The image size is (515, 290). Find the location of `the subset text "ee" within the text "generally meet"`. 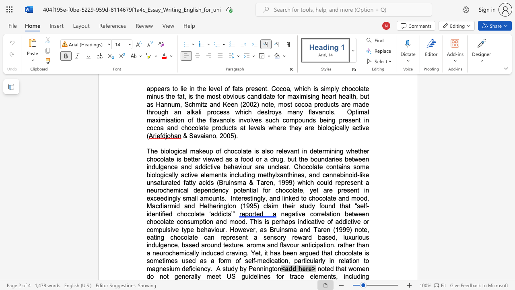

the subset text "ee" within the text "generally meet" is located at coordinates (212, 276).